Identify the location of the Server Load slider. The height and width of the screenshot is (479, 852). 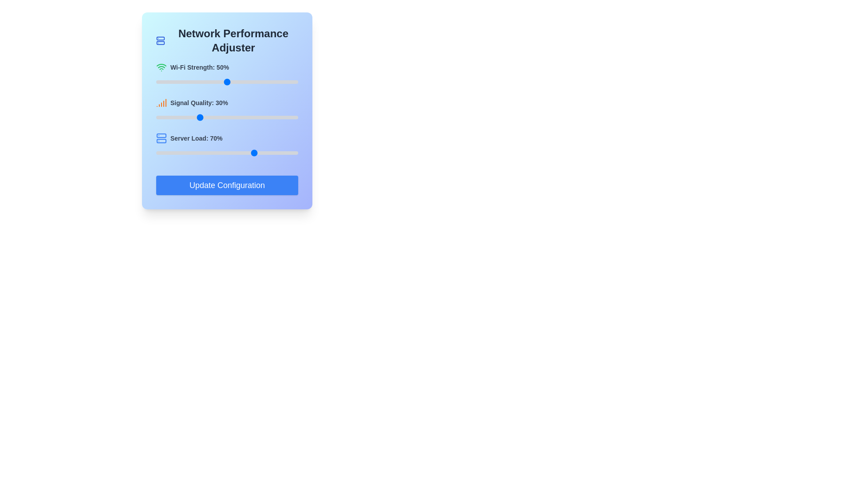
(204, 152).